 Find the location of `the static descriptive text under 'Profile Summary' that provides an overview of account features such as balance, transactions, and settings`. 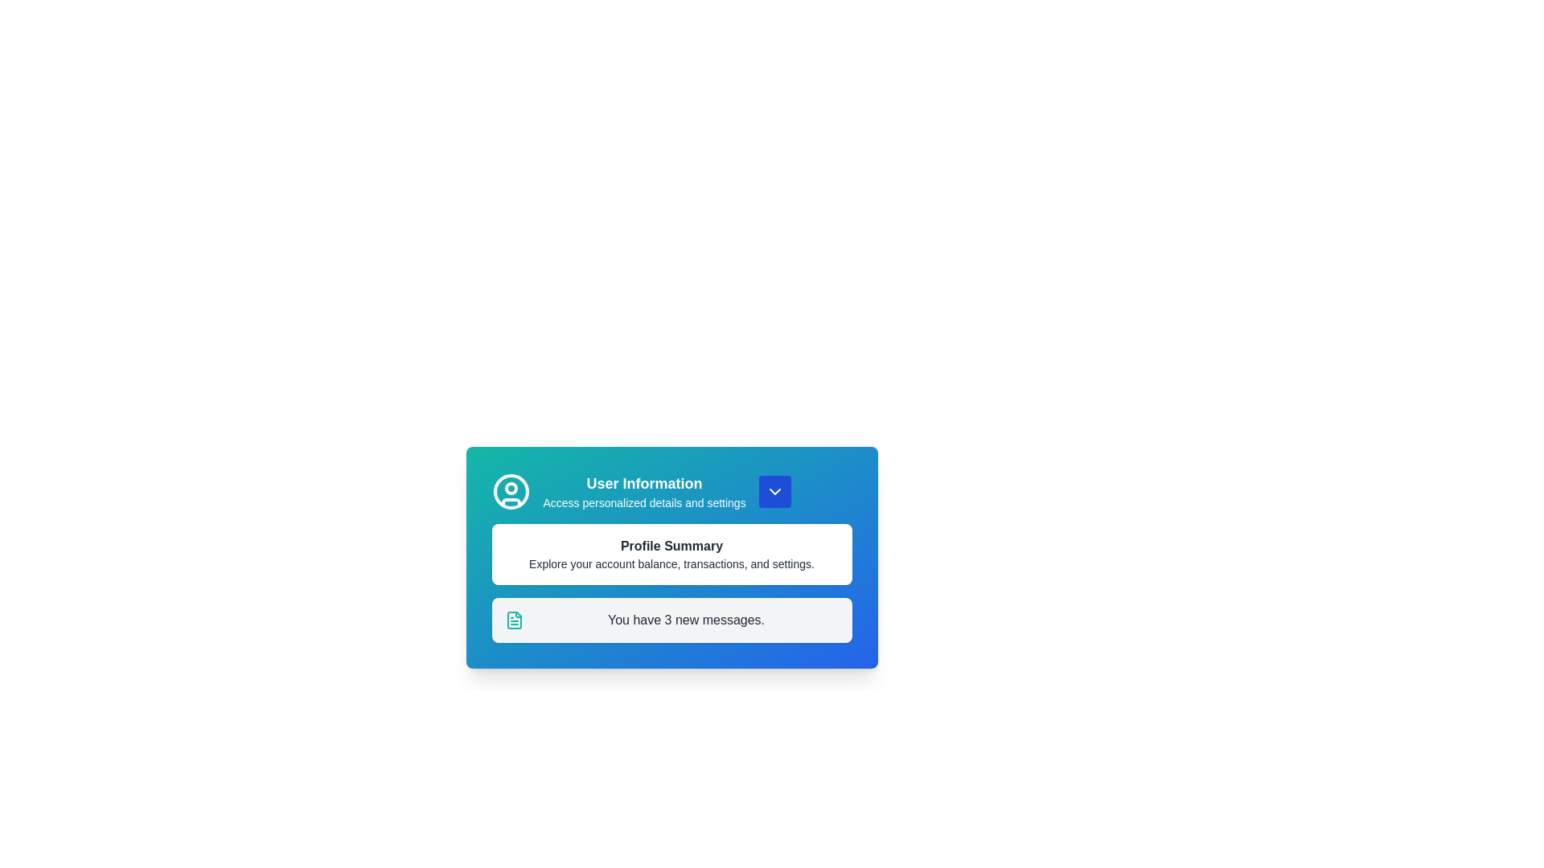

the static descriptive text under 'Profile Summary' that provides an overview of account features such as balance, transactions, and settings is located at coordinates (671, 563).